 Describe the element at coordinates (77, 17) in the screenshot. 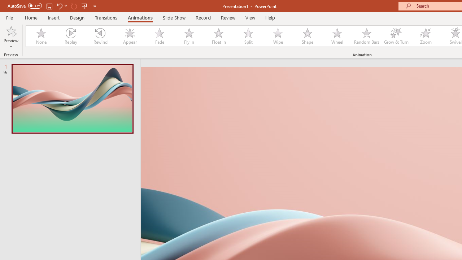

I see `'Design'` at that location.